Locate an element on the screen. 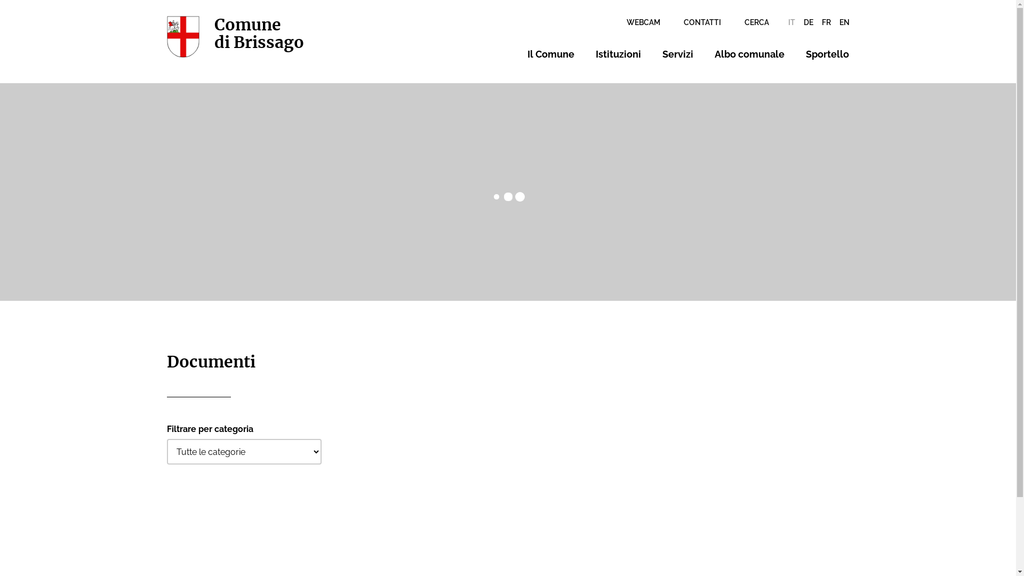 This screenshot has width=1024, height=576. 'Il Comune' is located at coordinates (550, 54).